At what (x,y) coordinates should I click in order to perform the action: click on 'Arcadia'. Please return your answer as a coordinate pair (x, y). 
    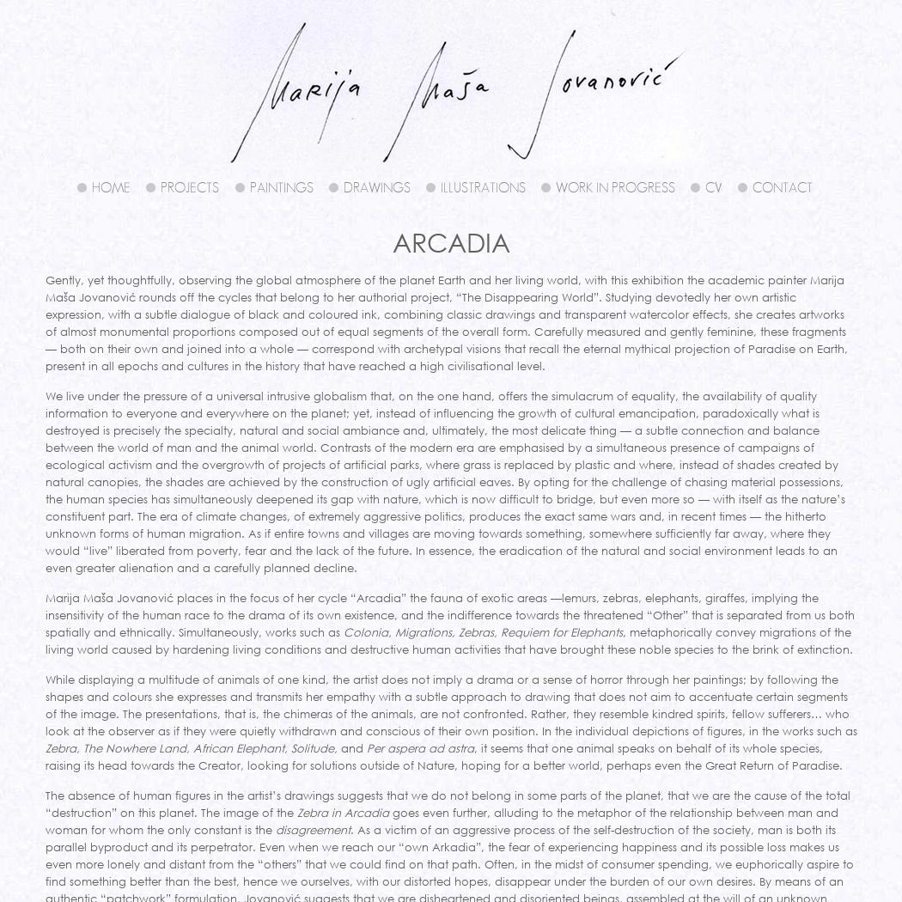
    Looking at the image, I should click on (449, 241).